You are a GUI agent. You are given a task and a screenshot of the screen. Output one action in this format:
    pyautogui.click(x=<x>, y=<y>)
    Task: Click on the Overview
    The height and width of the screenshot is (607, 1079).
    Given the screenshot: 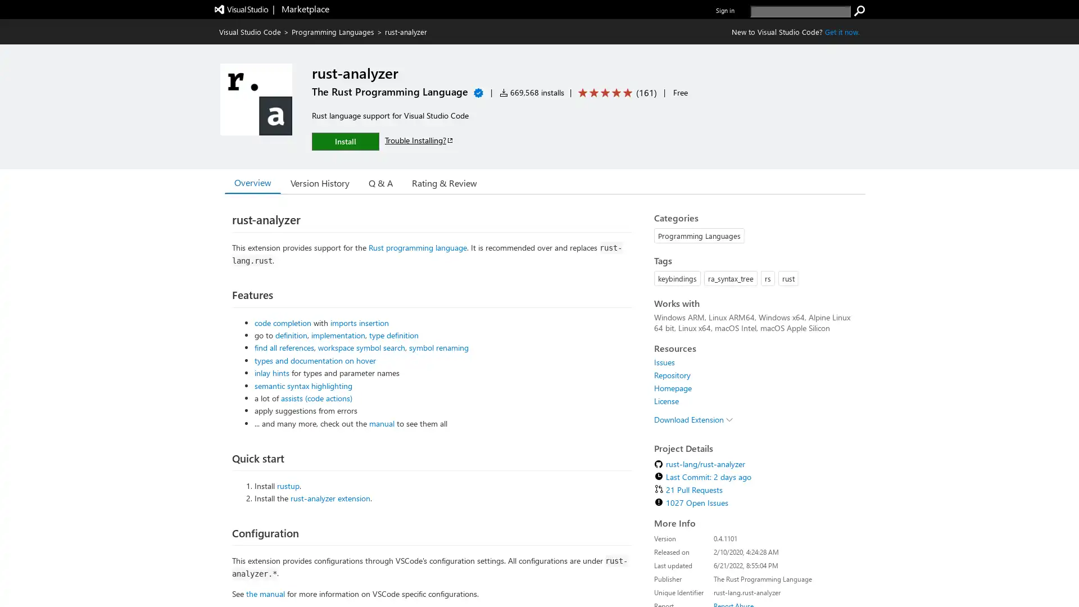 What is the action you would take?
    pyautogui.click(x=252, y=182)
    